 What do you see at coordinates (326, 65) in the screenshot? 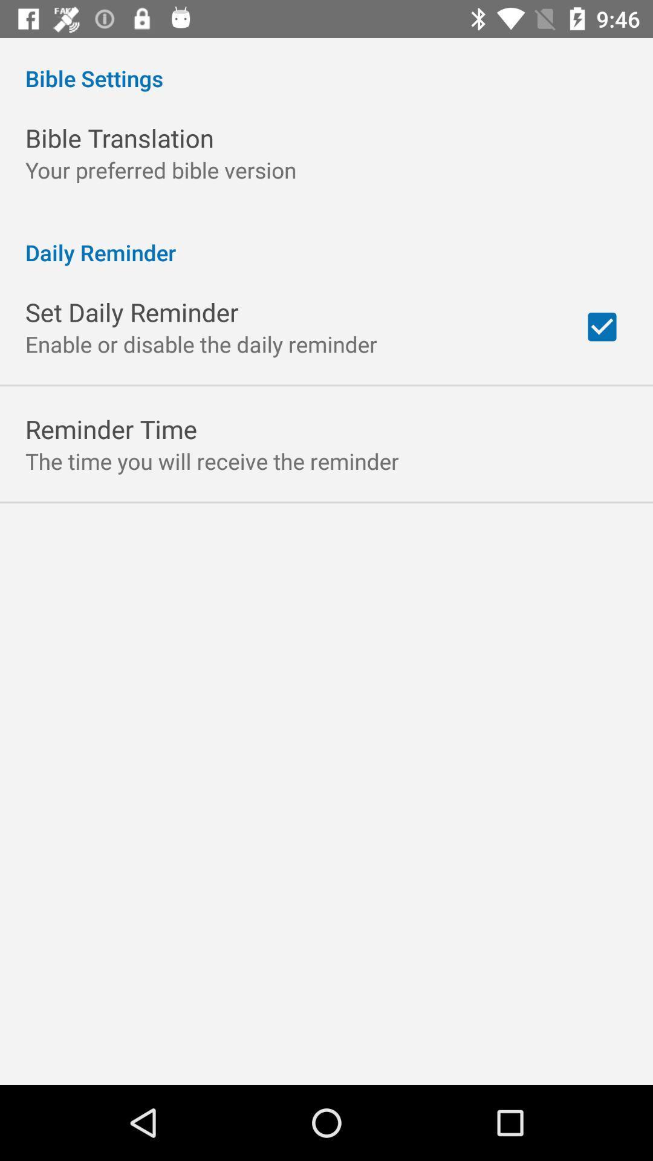
I see `bible settings app` at bounding box center [326, 65].